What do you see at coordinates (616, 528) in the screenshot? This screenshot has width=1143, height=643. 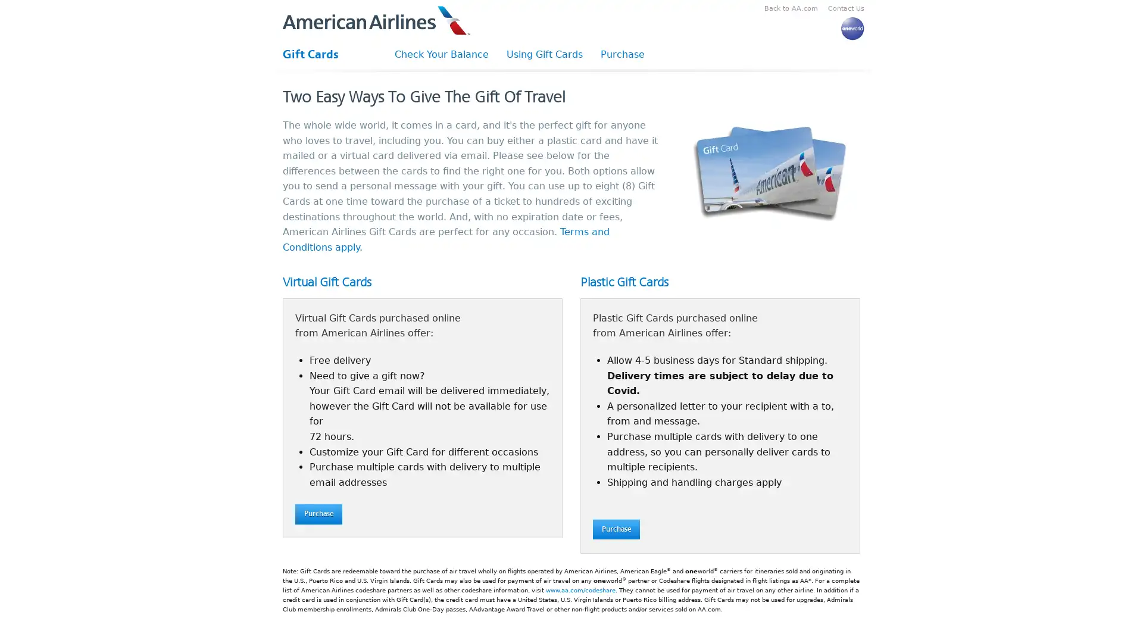 I see `Purchase` at bounding box center [616, 528].